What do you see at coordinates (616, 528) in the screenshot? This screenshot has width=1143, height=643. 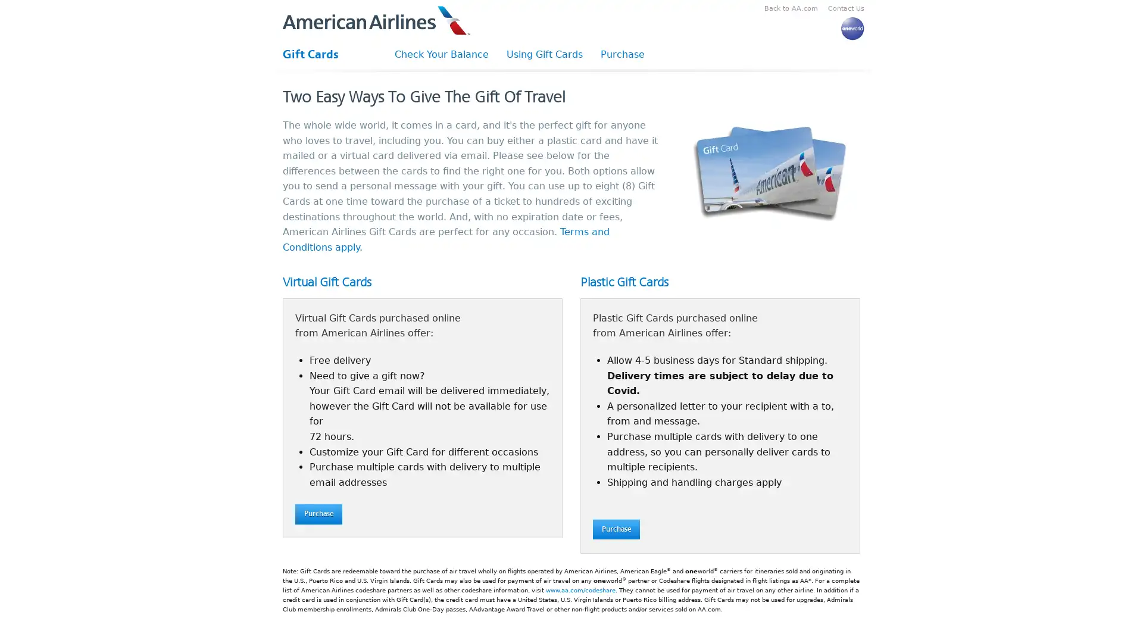 I see `Purchase` at bounding box center [616, 528].